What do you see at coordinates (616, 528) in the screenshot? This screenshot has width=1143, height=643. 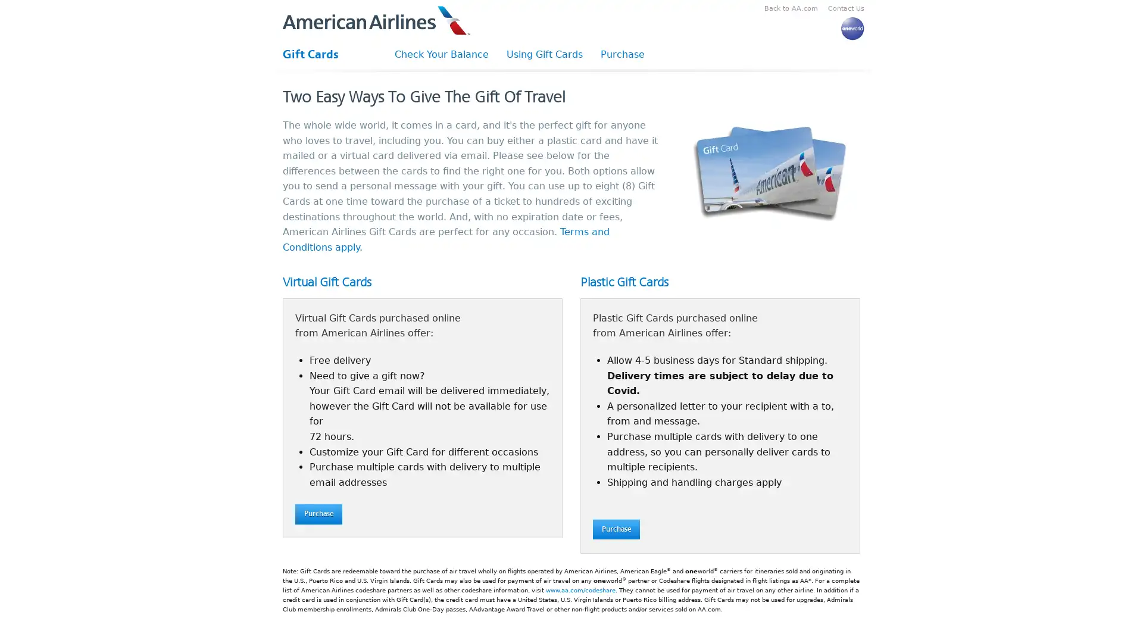 I see `Purchase` at bounding box center [616, 528].